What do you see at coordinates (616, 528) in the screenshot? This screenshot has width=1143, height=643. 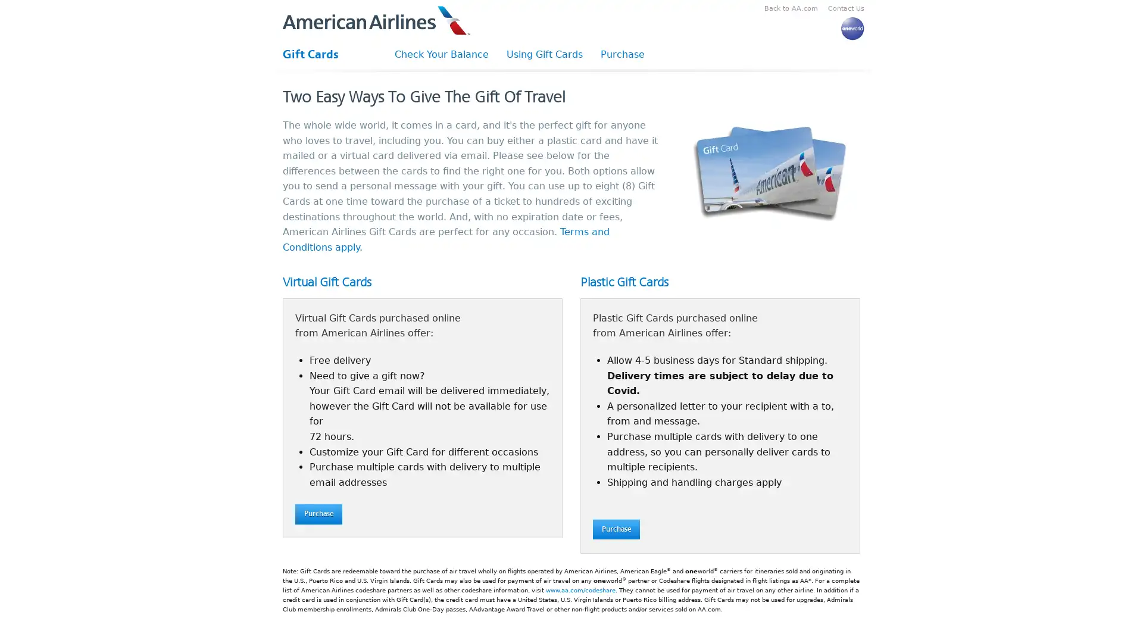 I see `Purchase` at bounding box center [616, 528].